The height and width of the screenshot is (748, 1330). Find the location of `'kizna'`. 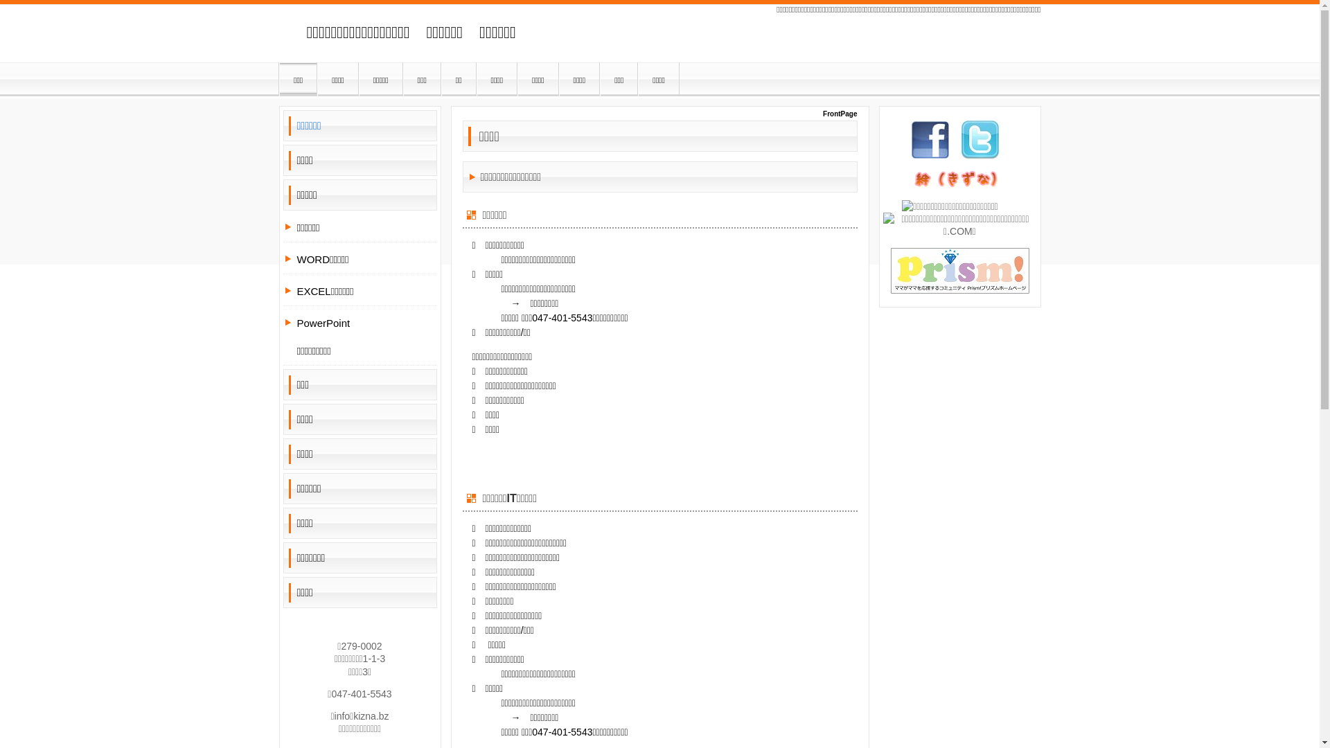

'kizna' is located at coordinates (959, 179).